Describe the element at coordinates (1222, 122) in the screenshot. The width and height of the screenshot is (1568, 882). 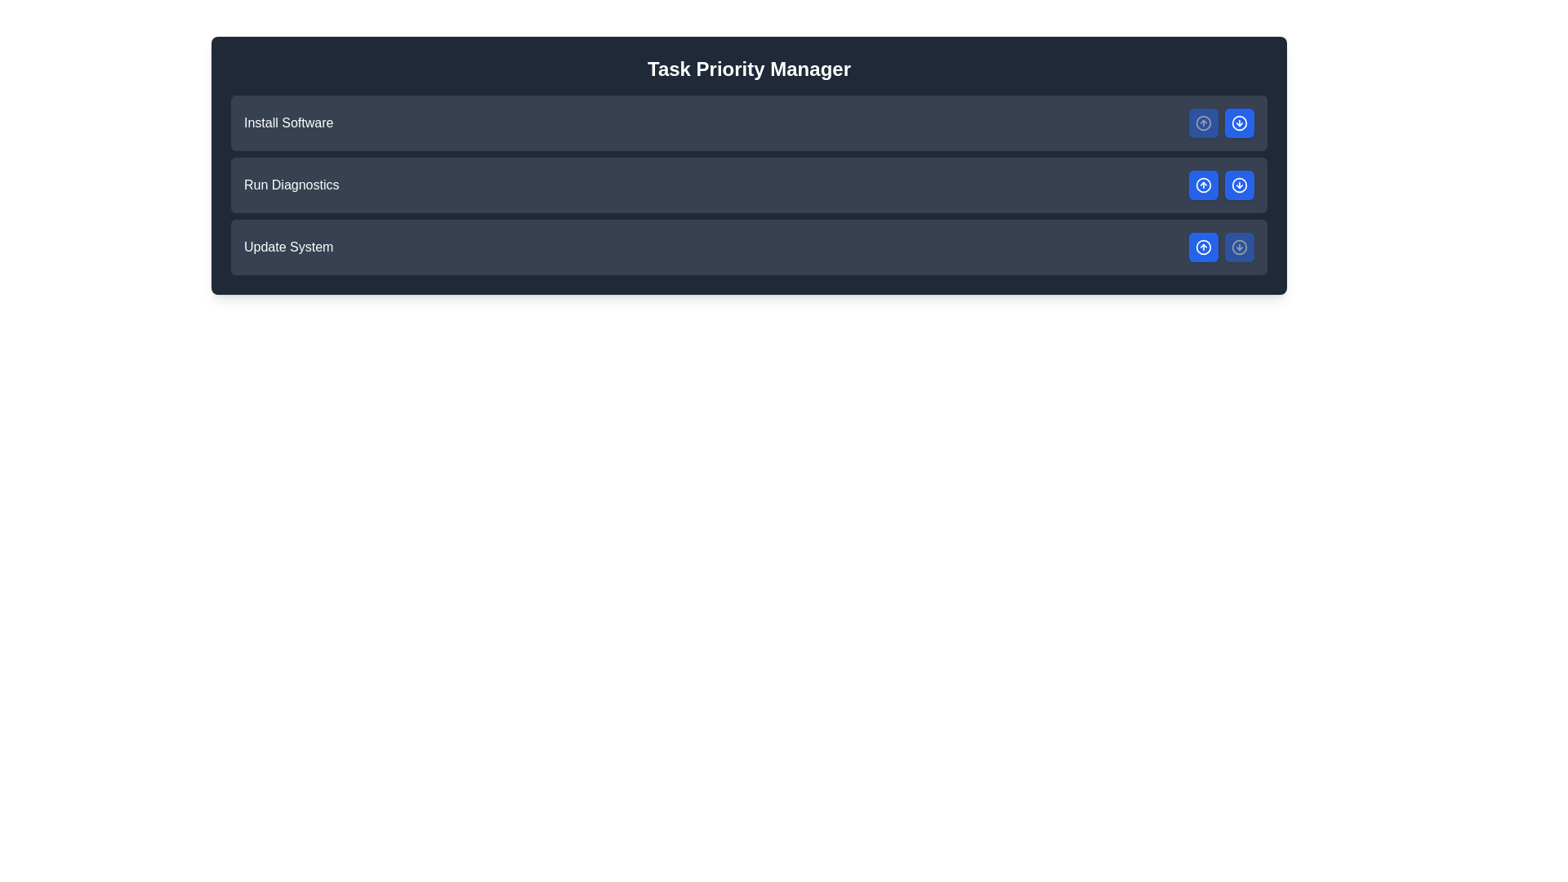
I see `the upward arrow button located in the top-right corner of the 'Install Software' section to increase the task priority` at that location.